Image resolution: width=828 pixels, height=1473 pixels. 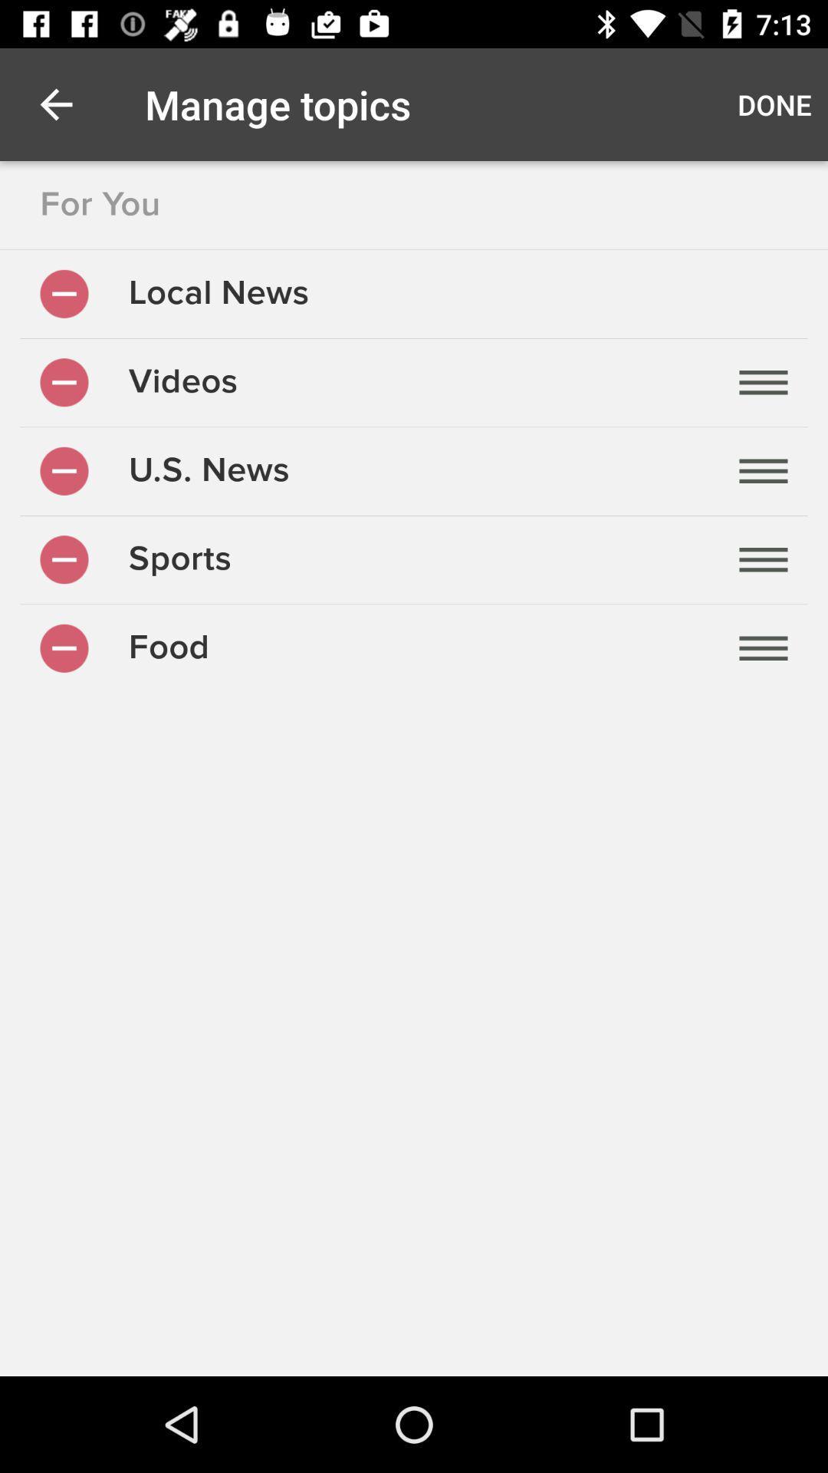 What do you see at coordinates (774, 104) in the screenshot?
I see `the icon to the right of manage topics icon` at bounding box center [774, 104].